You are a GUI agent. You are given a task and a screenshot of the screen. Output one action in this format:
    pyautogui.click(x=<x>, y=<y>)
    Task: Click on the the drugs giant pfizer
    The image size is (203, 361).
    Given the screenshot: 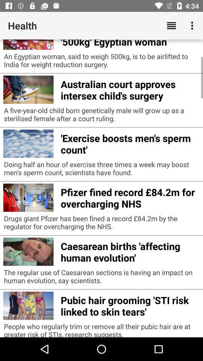 What is the action you would take?
    pyautogui.click(x=101, y=224)
    